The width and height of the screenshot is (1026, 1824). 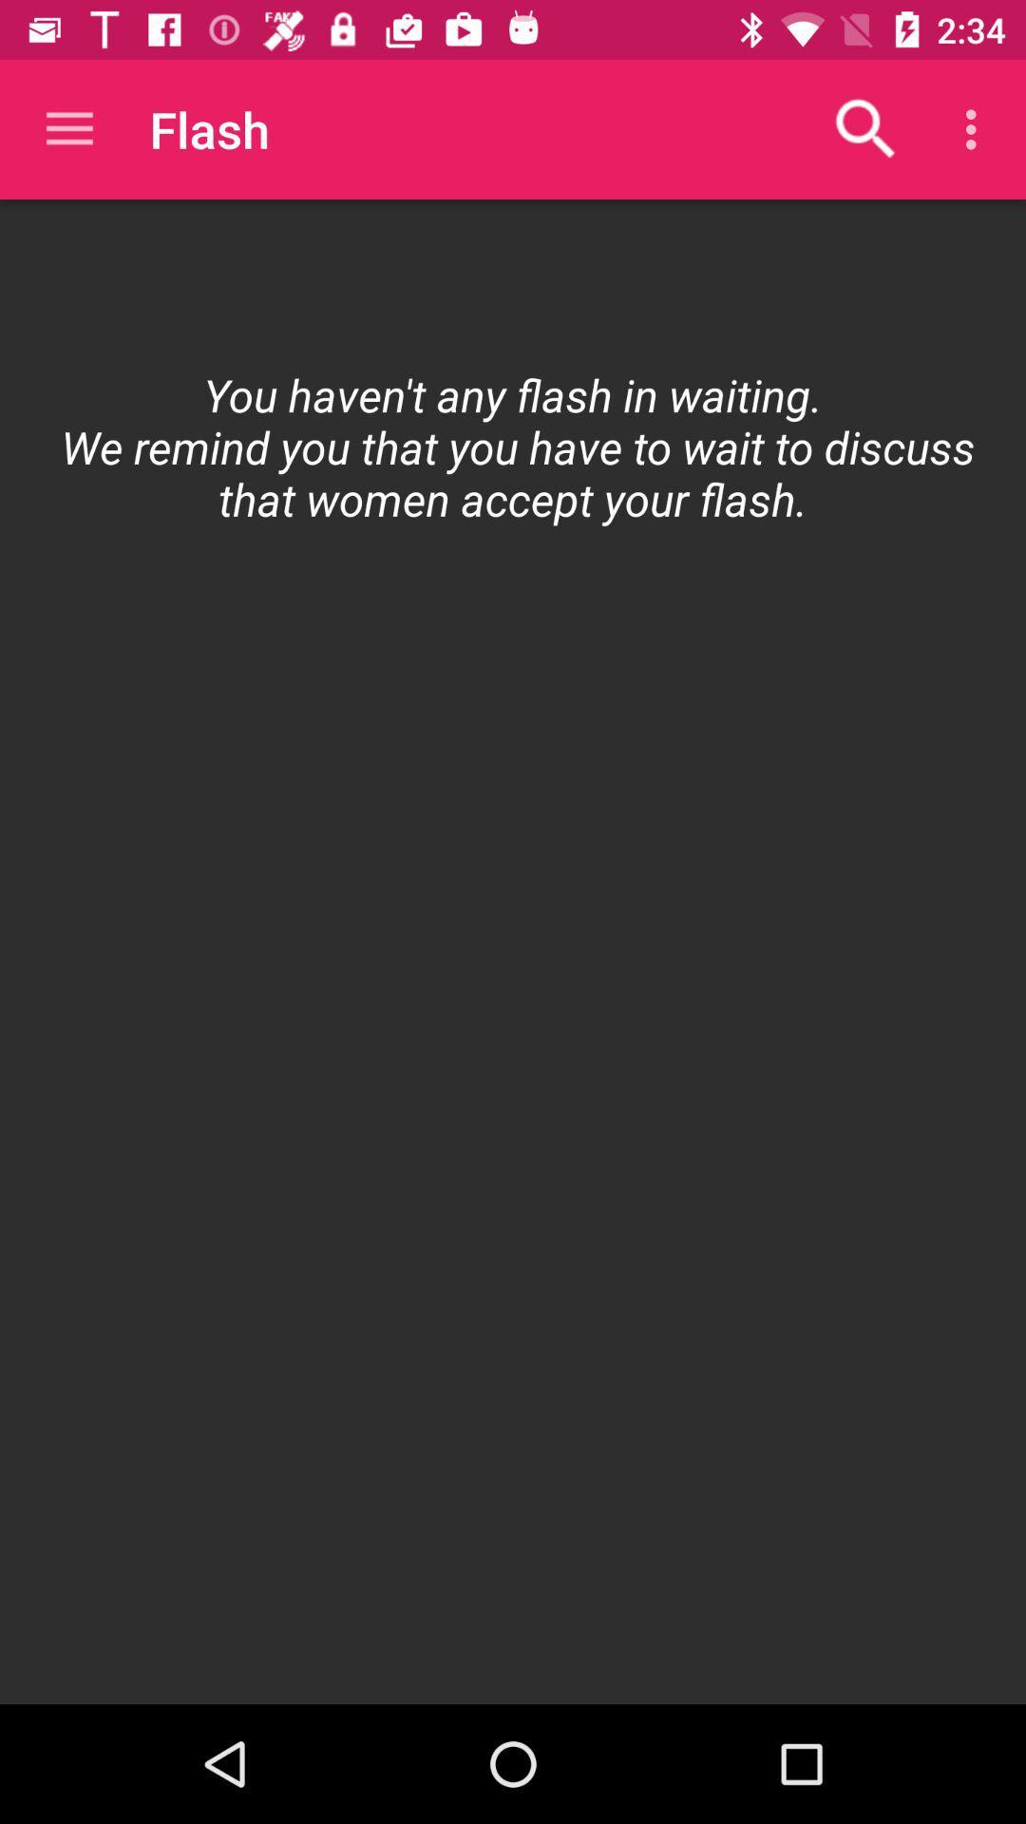 I want to click on item next to the flash item, so click(x=865, y=128).